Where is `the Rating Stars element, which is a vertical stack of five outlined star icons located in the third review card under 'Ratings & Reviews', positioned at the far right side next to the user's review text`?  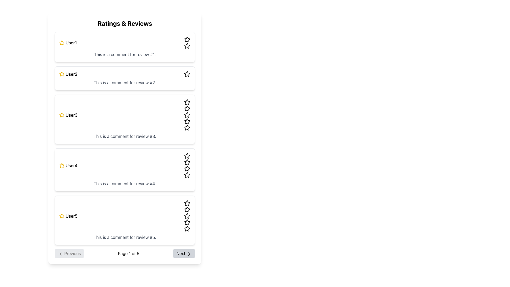 the Rating Stars element, which is a vertical stack of five outlined star icons located in the third review card under 'Ratings & Reviews', positioned at the far right side next to the user's review text is located at coordinates (187, 115).